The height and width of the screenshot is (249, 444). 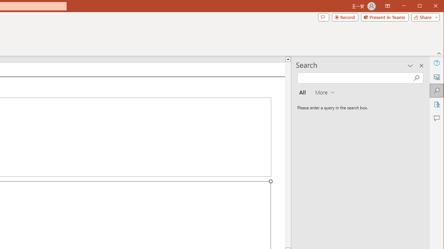 I want to click on 'Line up', so click(x=288, y=58).